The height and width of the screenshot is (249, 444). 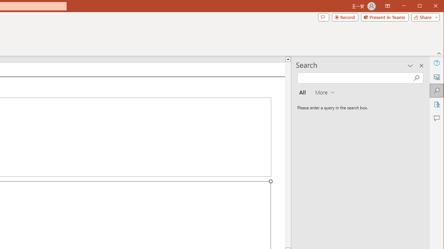 I want to click on 'Line up', so click(x=288, y=58).